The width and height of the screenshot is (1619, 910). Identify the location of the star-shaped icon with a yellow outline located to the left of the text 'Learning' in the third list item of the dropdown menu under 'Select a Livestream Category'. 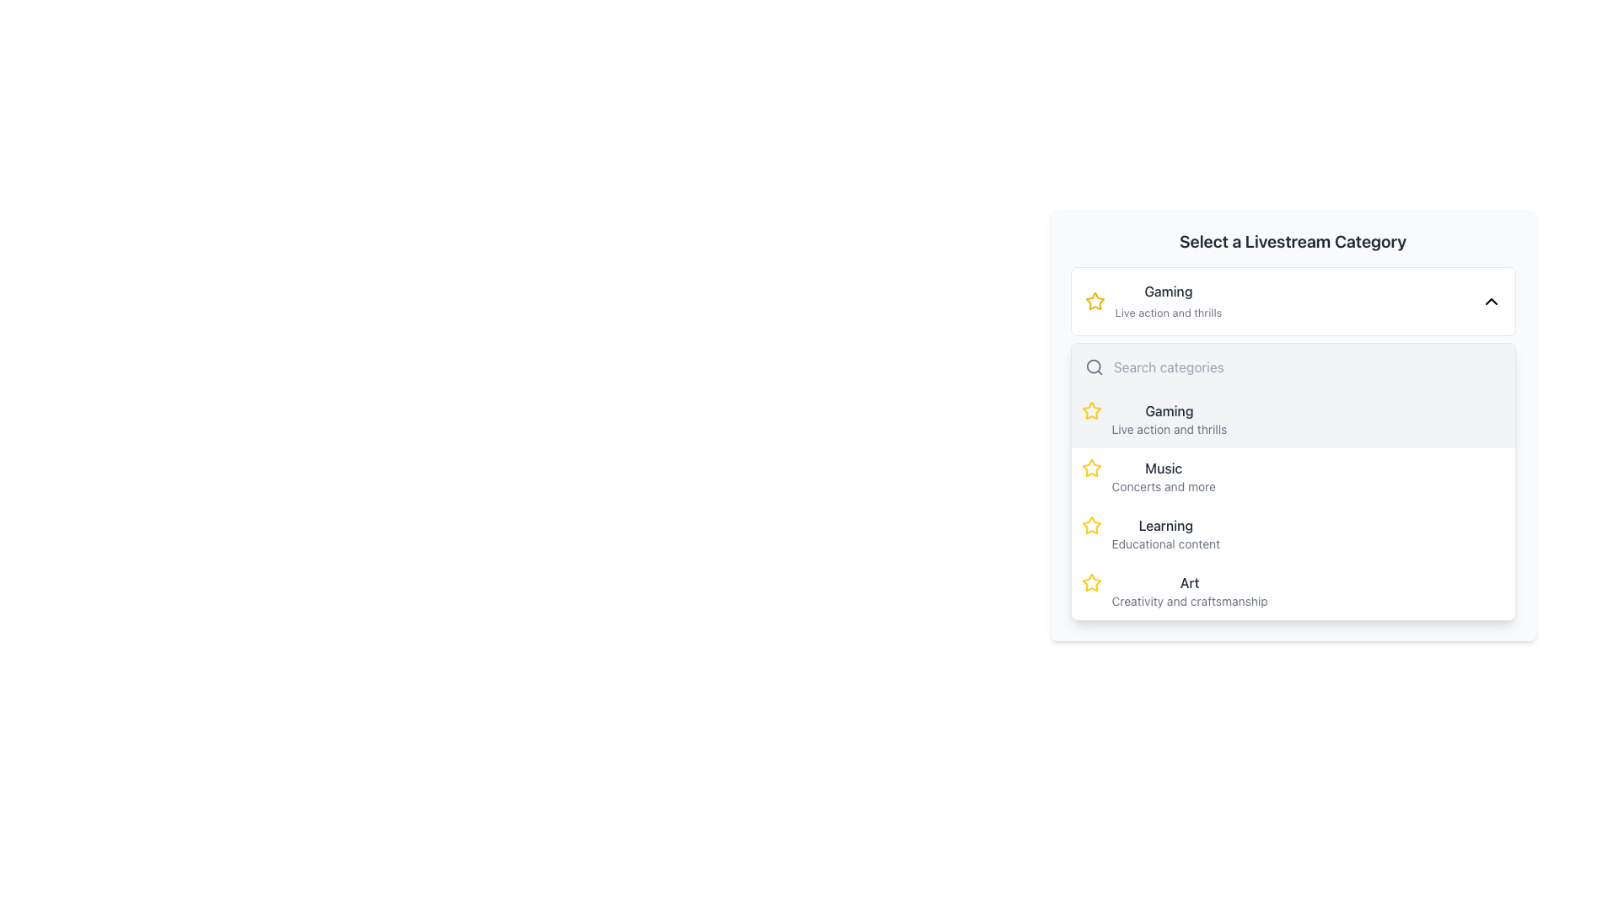
(1091, 525).